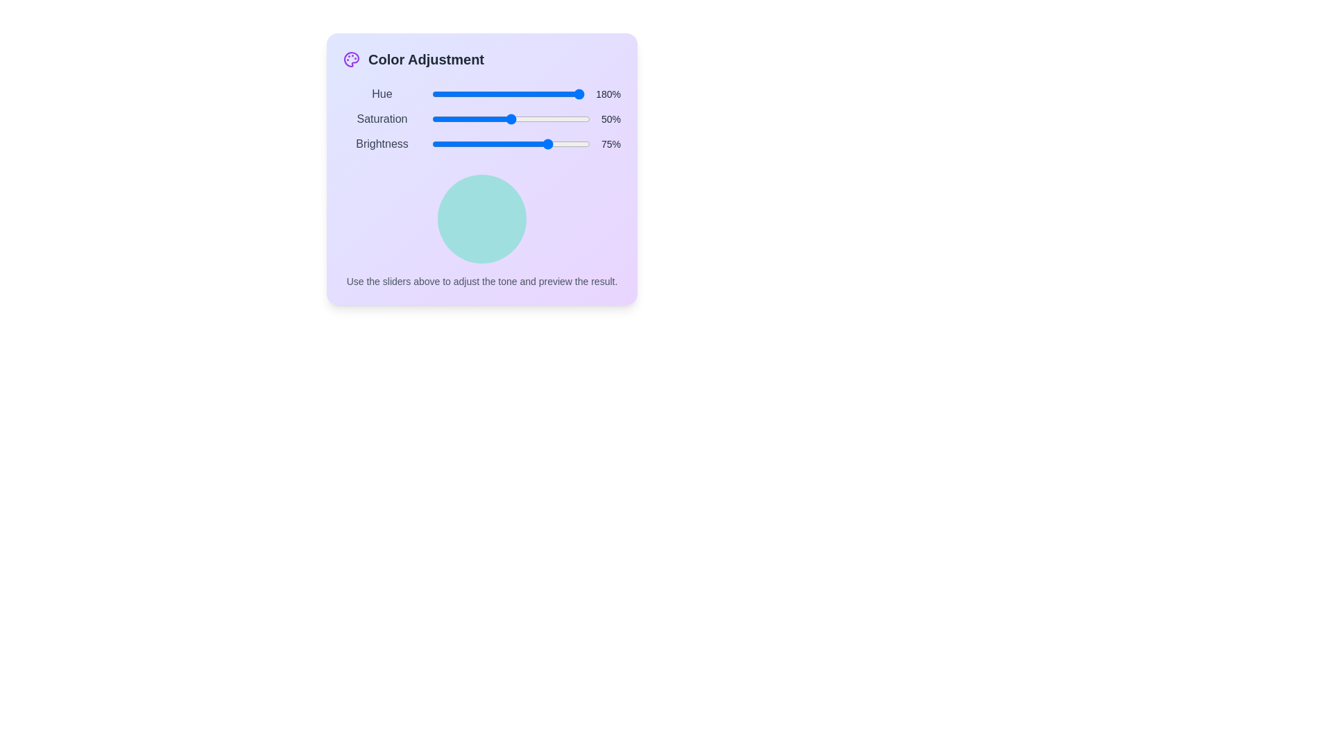  I want to click on the 1 slider to 41% to observe the resulting color in the preview circle, so click(495, 119).